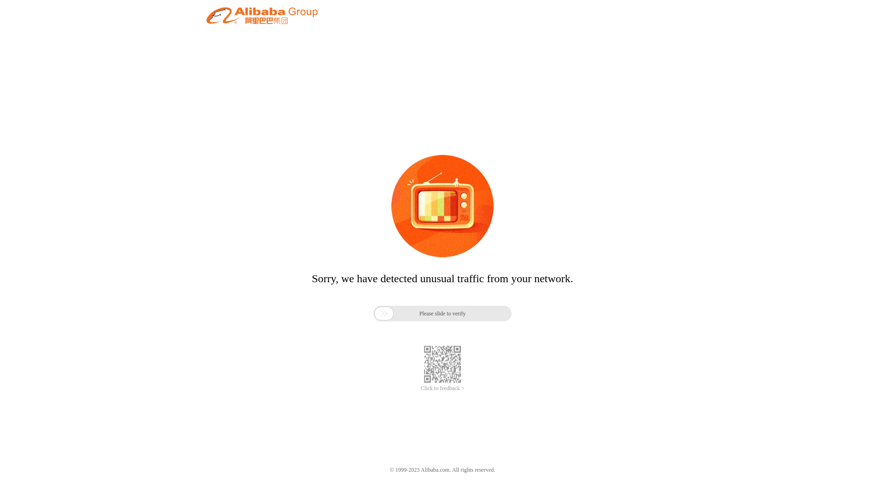  Describe the element at coordinates (442, 388) in the screenshot. I see `'Click to feedback >'` at that location.